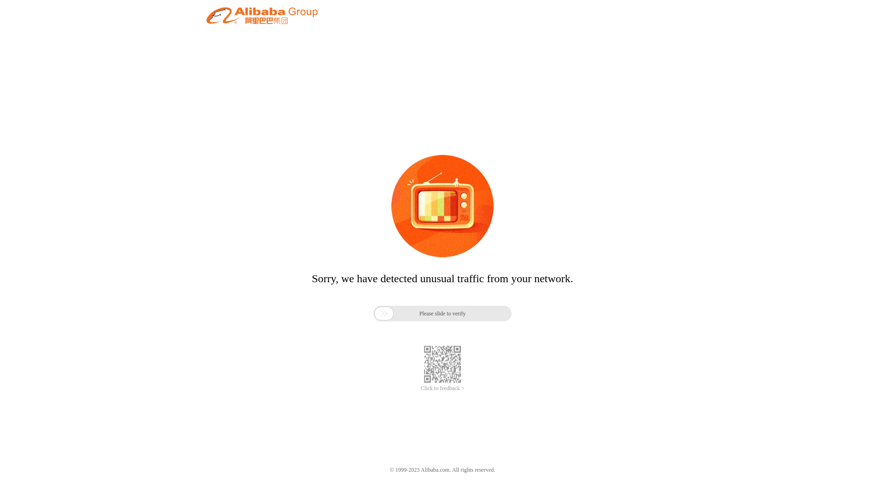  Describe the element at coordinates (442, 388) in the screenshot. I see `'Click to feedback >'` at that location.